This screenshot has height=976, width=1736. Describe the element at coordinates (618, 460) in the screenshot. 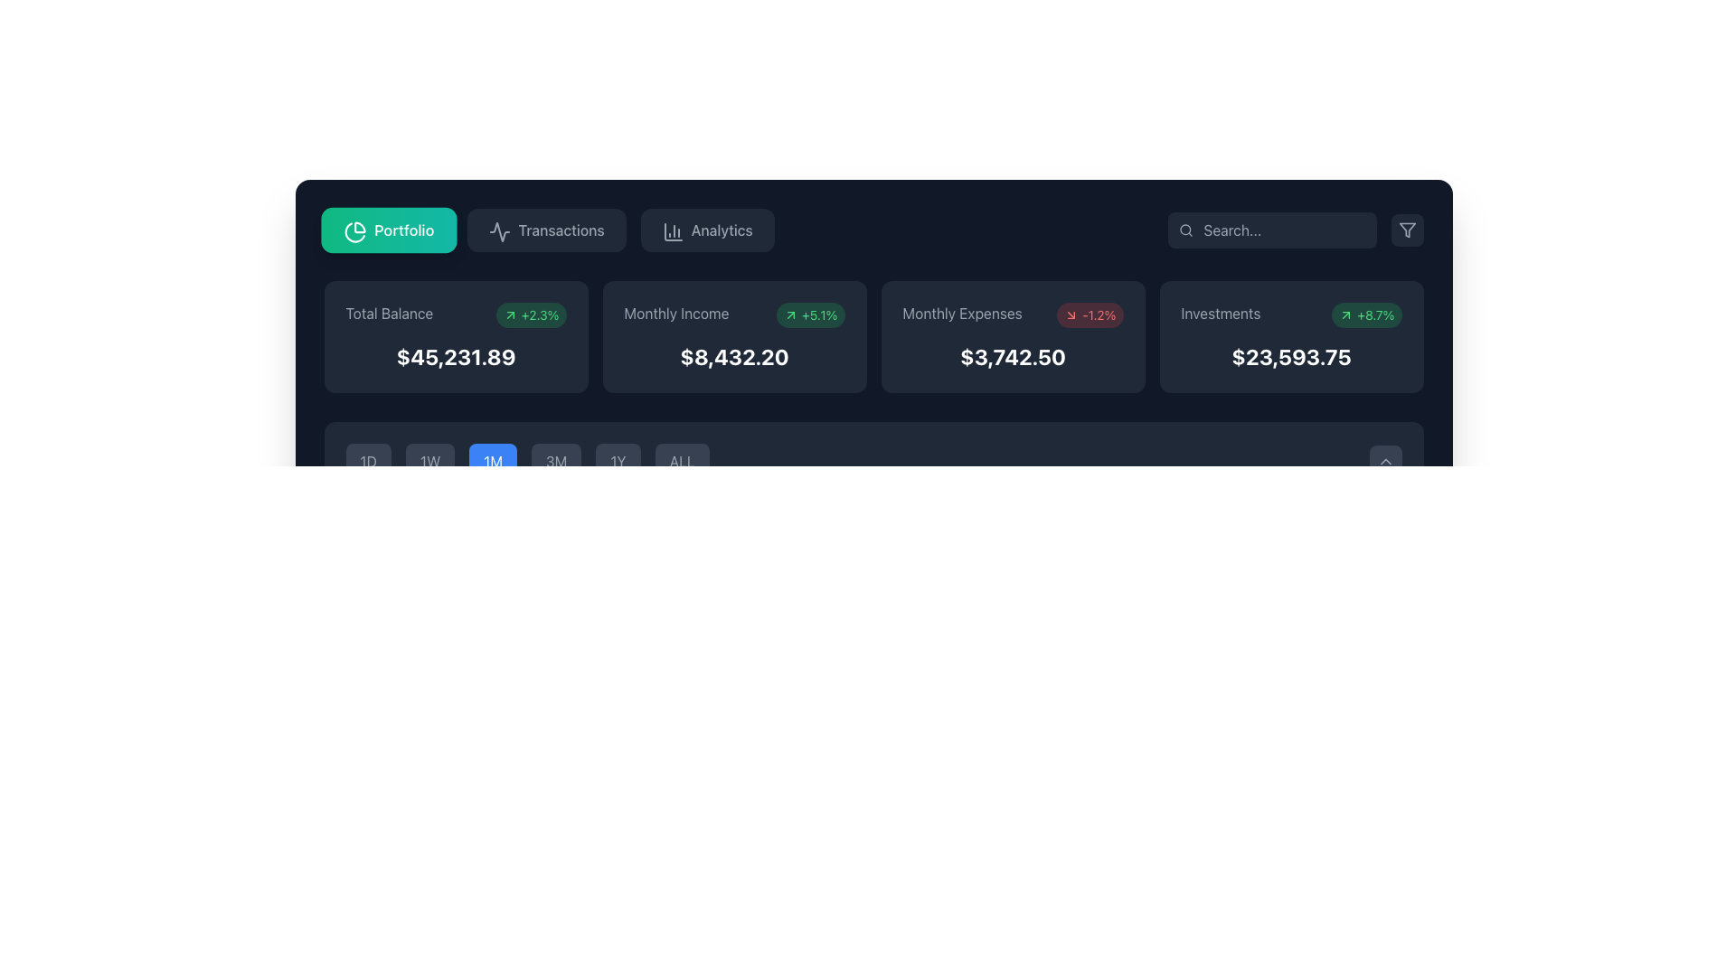

I see `the rectangular button displaying '1Y' in light gray on a dark gray background` at that location.